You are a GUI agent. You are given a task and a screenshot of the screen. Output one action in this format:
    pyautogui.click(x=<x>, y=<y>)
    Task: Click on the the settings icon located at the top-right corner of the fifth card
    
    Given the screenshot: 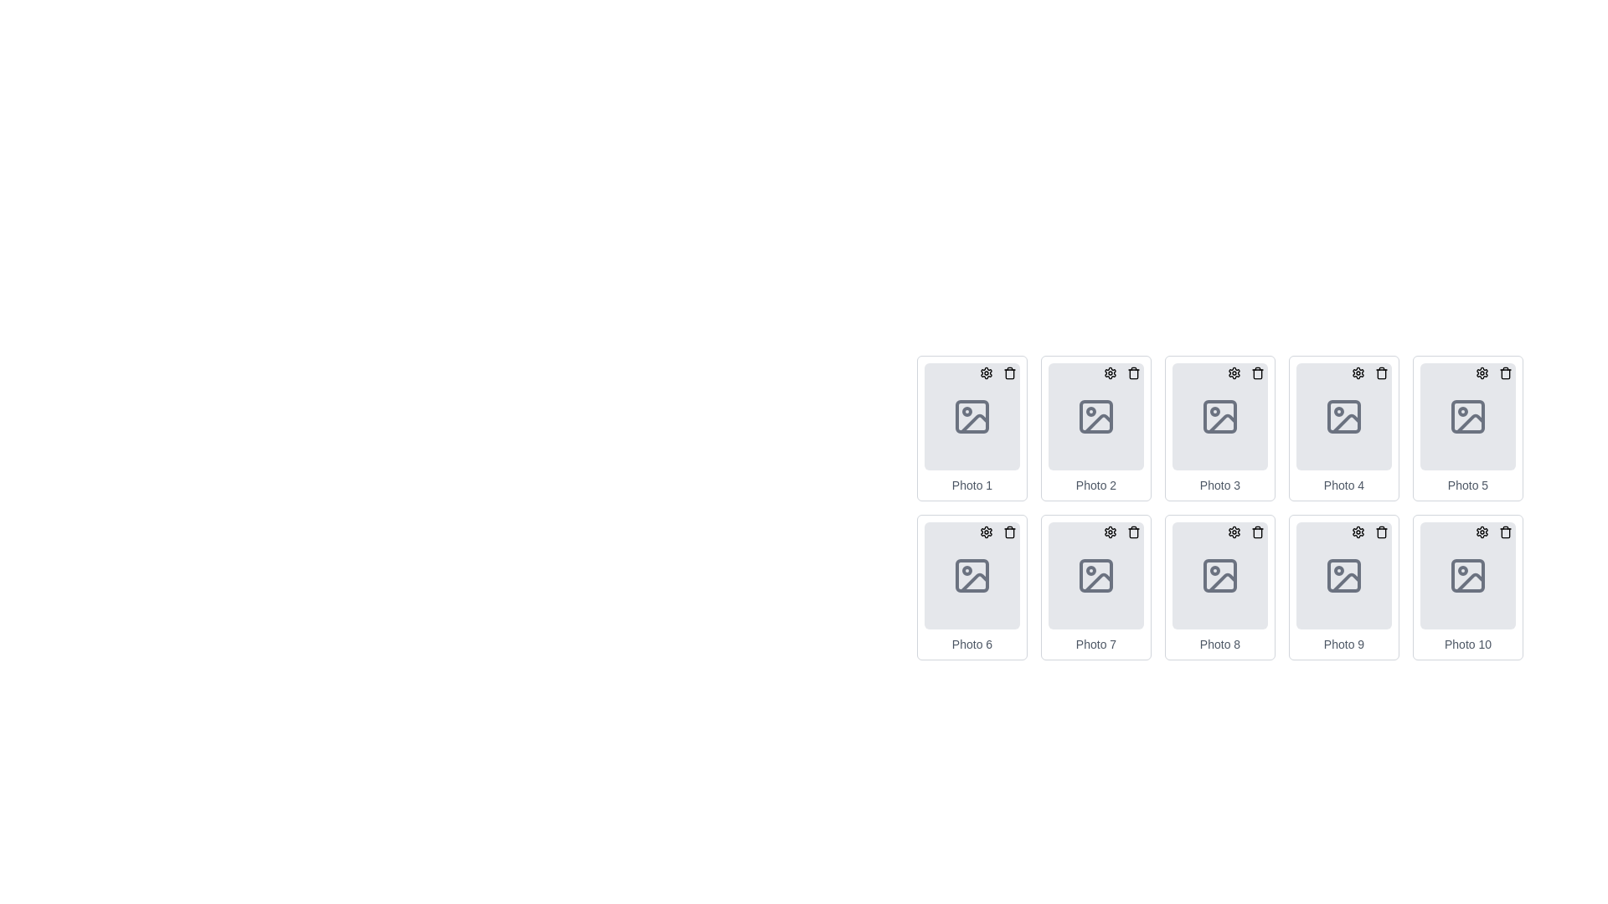 What is the action you would take?
    pyautogui.click(x=1482, y=372)
    